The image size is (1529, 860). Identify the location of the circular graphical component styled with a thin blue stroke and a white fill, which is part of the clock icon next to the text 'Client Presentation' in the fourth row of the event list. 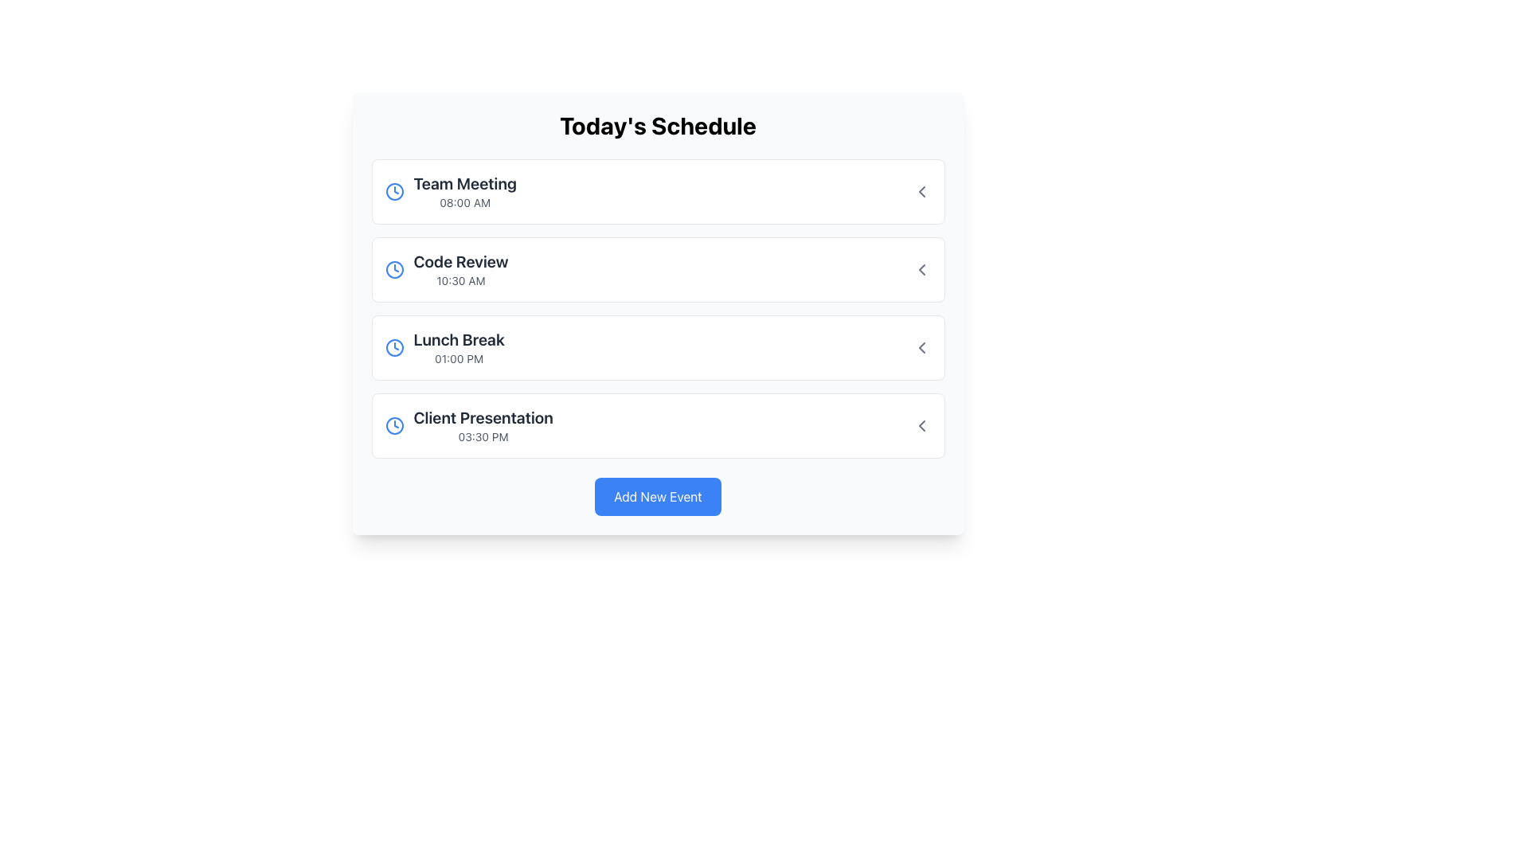
(394, 425).